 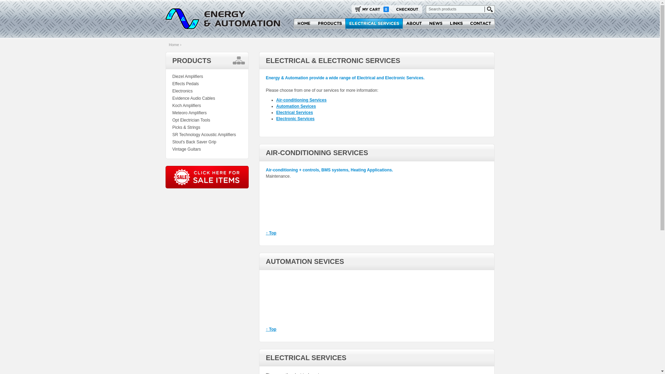 I want to click on 'Evidence Audio Cables', so click(x=193, y=98).